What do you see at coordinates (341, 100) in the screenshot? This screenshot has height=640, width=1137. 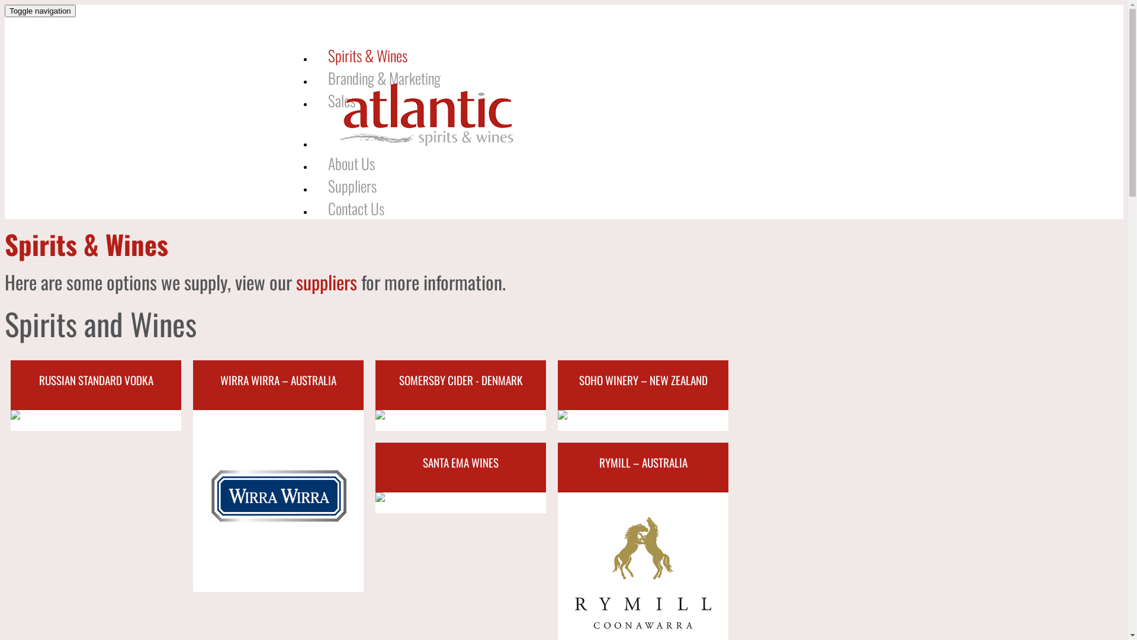 I see `'Sales'` at bounding box center [341, 100].